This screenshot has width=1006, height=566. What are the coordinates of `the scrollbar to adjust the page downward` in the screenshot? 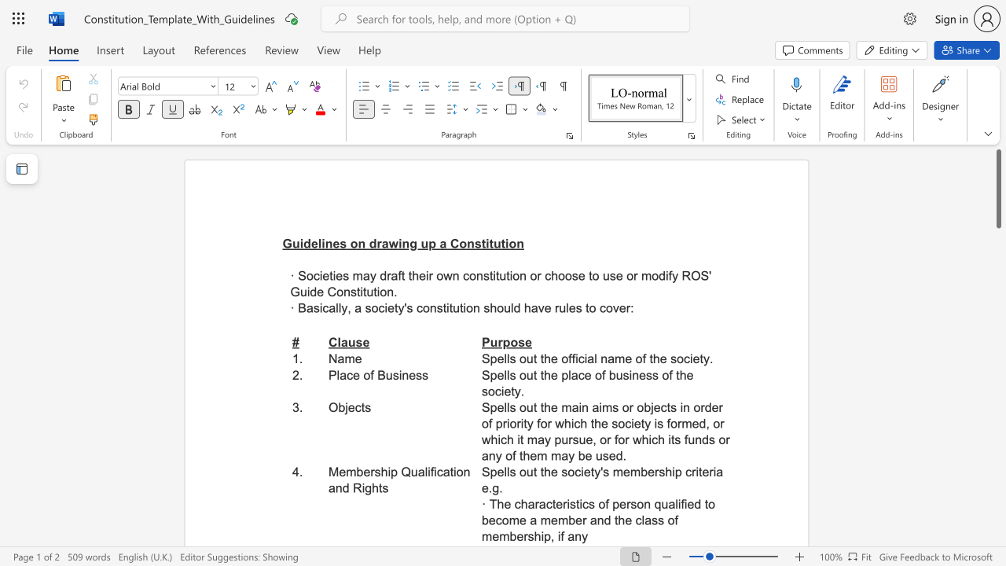 It's located at (997, 362).